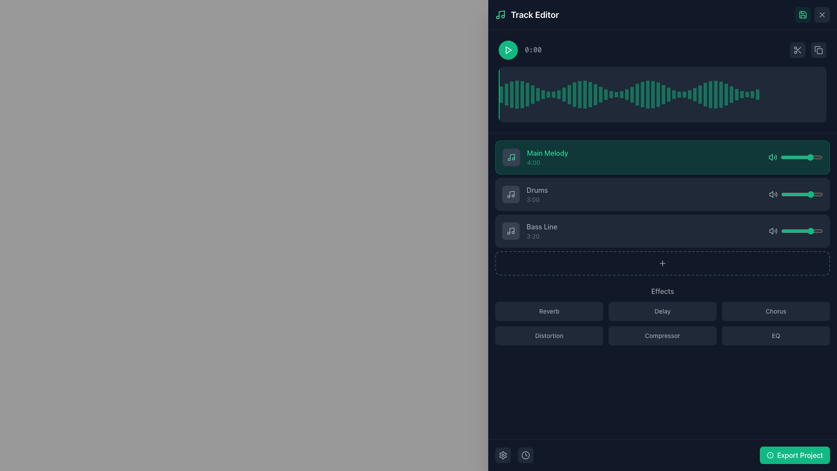 The height and width of the screenshot is (471, 837). I want to click on the ninth graphical bar in the waveform or histogram visualization, so click(543, 94).